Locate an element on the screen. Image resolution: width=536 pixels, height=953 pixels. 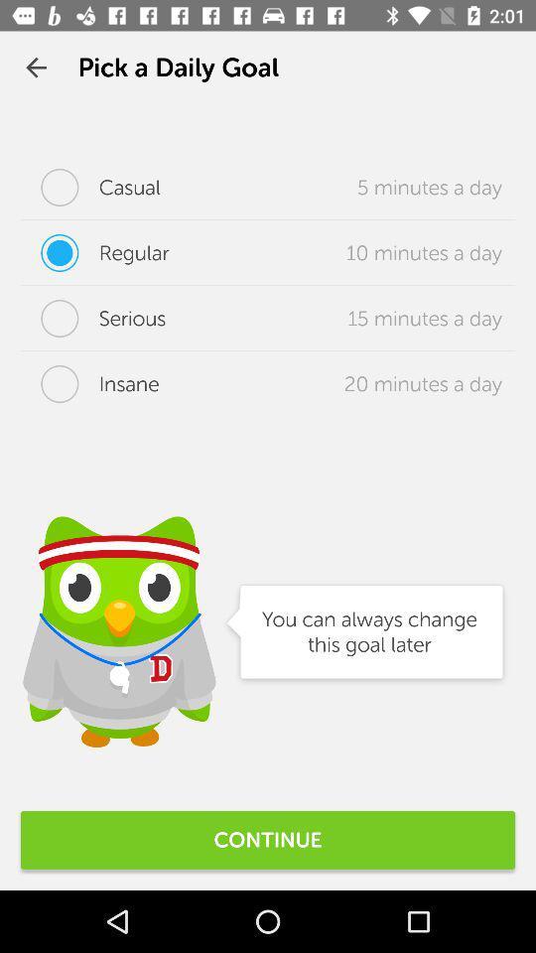
the app next to the pick a daily icon is located at coordinates (36, 68).